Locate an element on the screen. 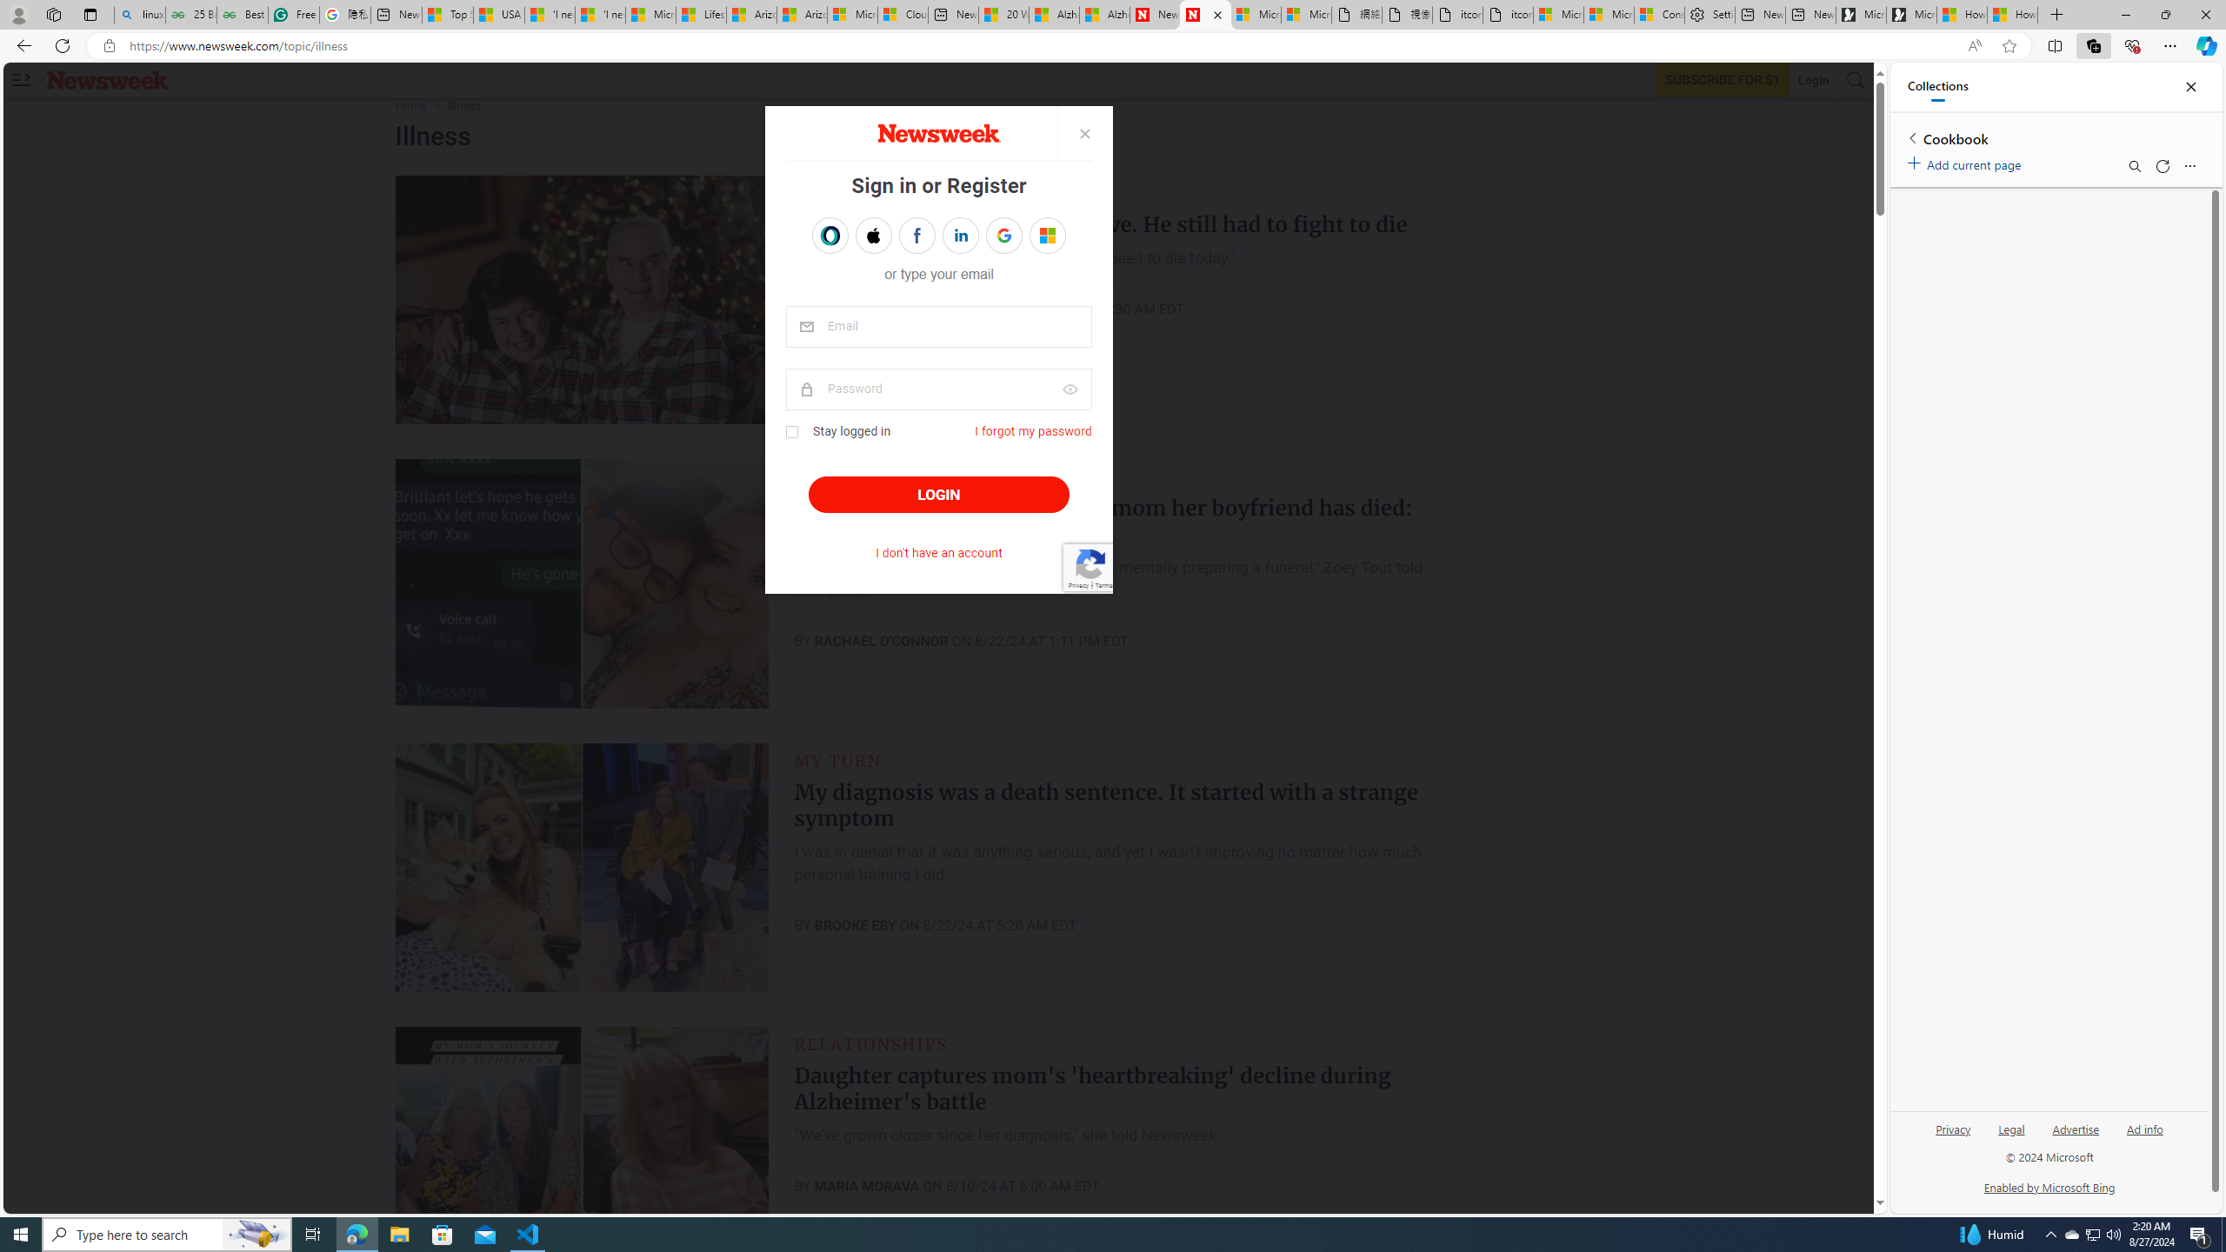 The width and height of the screenshot is (2226, 1252). 'Subscribe to our service' is located at coordinates (1723, 79).